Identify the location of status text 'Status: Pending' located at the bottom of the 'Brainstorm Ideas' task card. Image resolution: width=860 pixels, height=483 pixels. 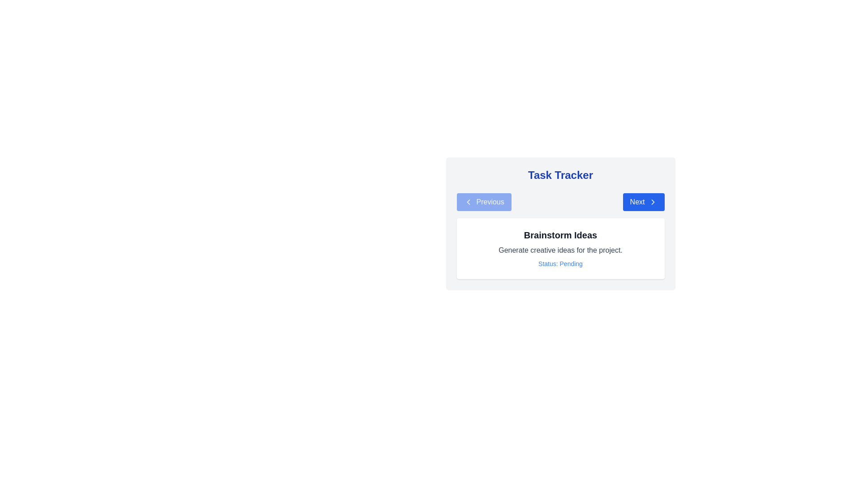
(560, 263).